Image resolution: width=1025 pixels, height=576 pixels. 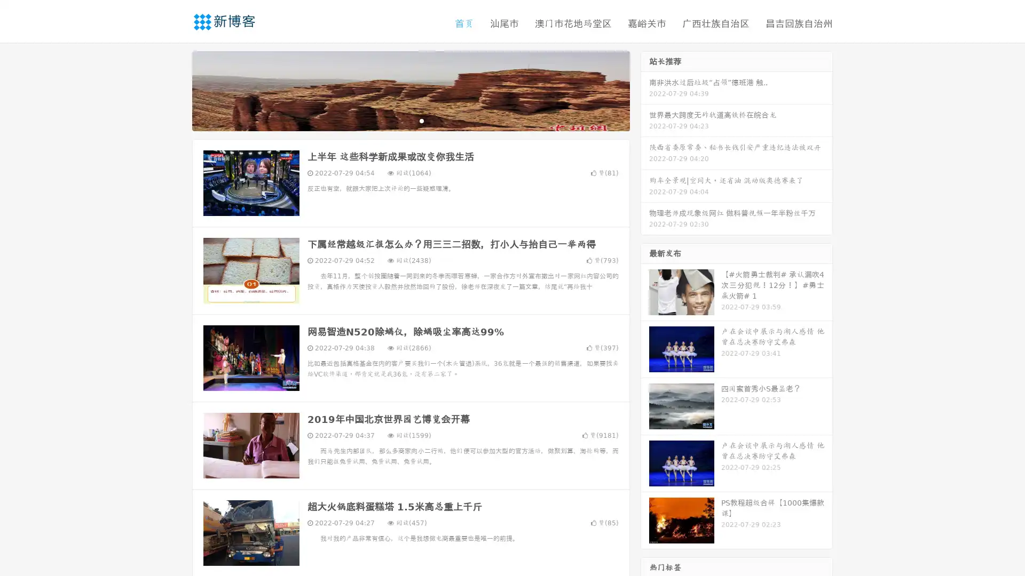 What do you see at coordinates (399, 120) in the screenshot?
I see `Go to slide 1` at bounding box center [399, 120].